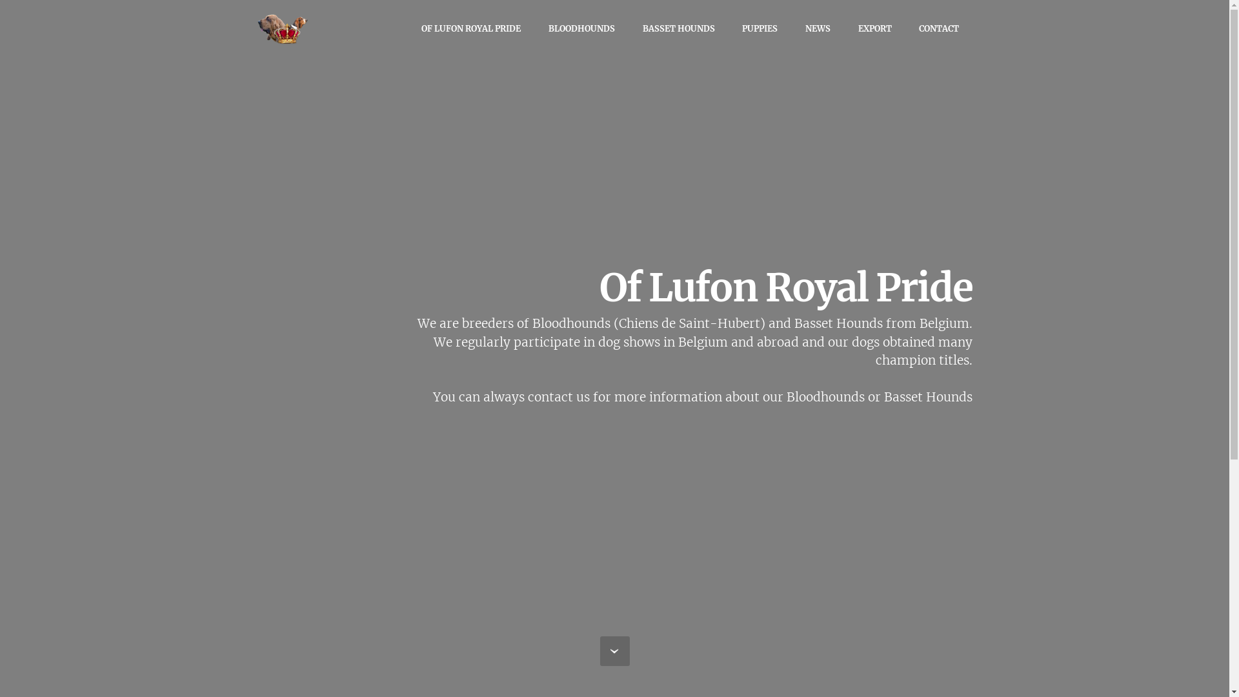 Image resolution: width=1239 pixels, height=697 pixels. Describe the element at coordinates (760, 28) in the screenshot. I see `'PUPPIES'` at that location.